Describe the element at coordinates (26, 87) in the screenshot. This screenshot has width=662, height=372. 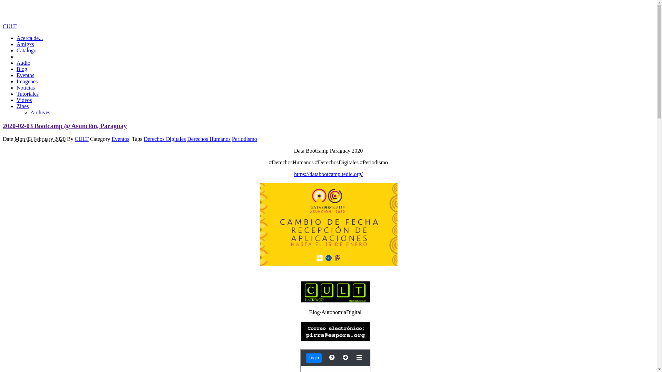
I see `'Noticias'` at that location.